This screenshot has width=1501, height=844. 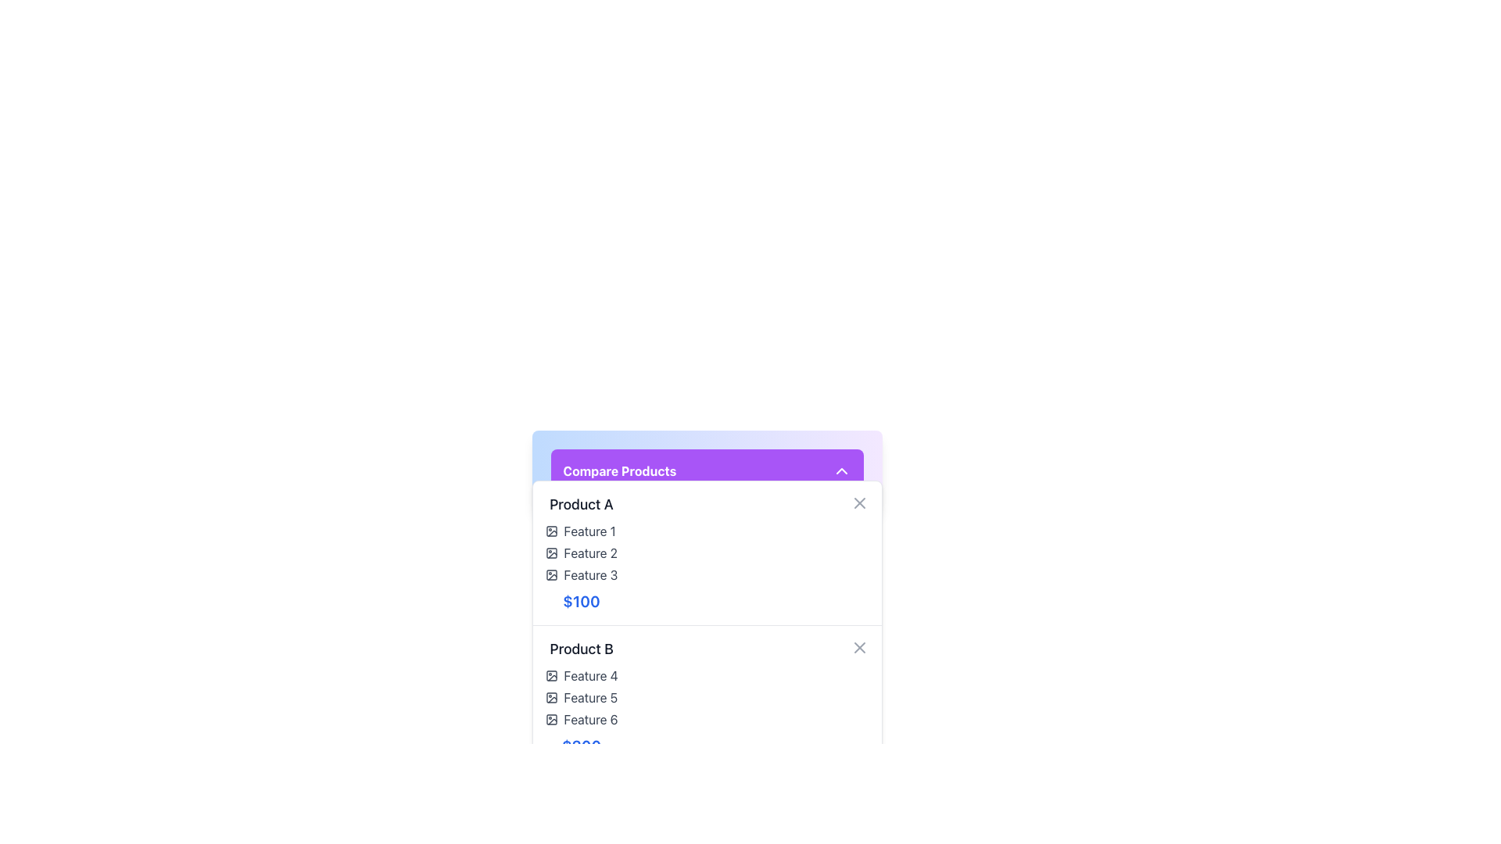 I want to click on the interactive sub-elements of the product card for 'Product B' located in the 'Compare Products' section, specifically within the second card after 'Product A', so click(x=581, y=697).